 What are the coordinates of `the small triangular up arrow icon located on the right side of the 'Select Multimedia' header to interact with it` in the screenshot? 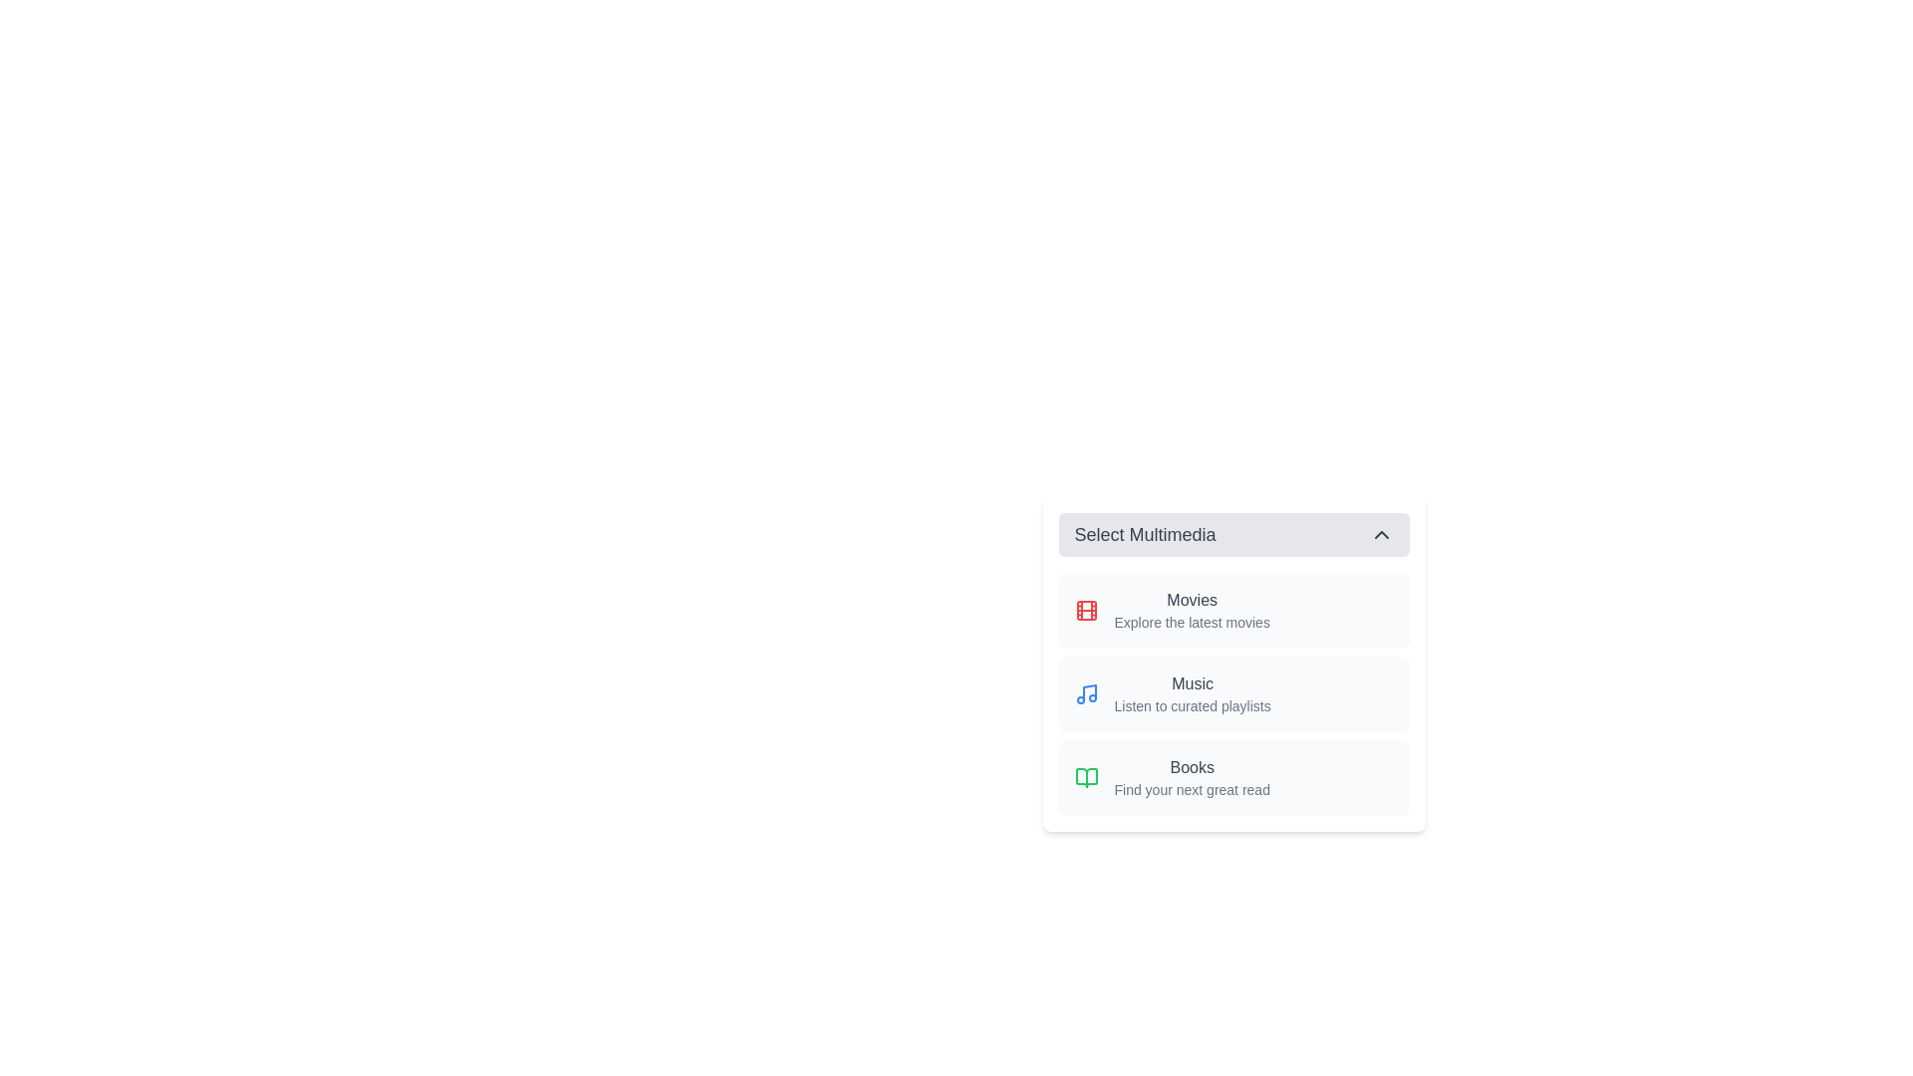 It's located at (1380, 533).